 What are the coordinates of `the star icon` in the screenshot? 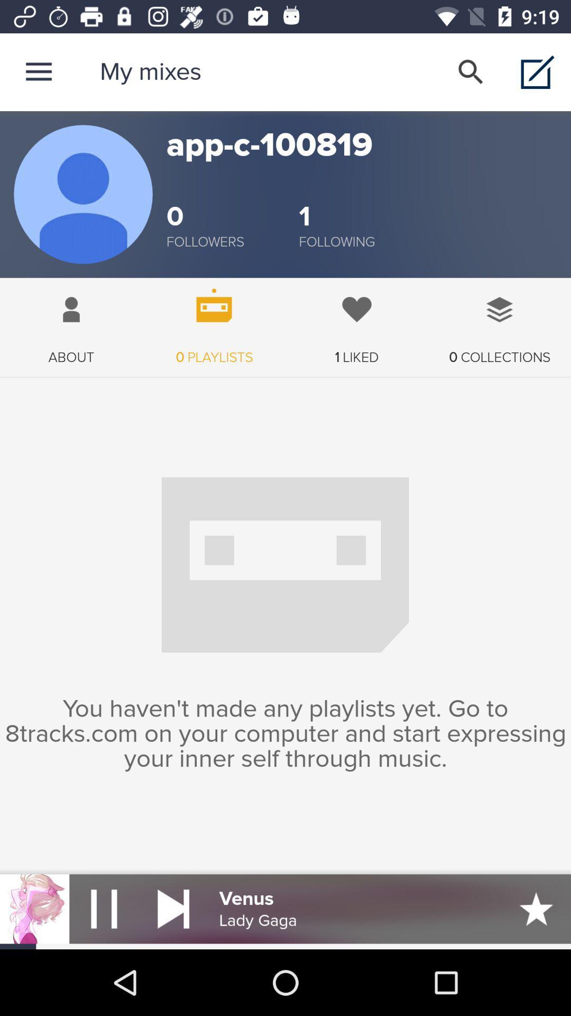 It's located at (536, 908).